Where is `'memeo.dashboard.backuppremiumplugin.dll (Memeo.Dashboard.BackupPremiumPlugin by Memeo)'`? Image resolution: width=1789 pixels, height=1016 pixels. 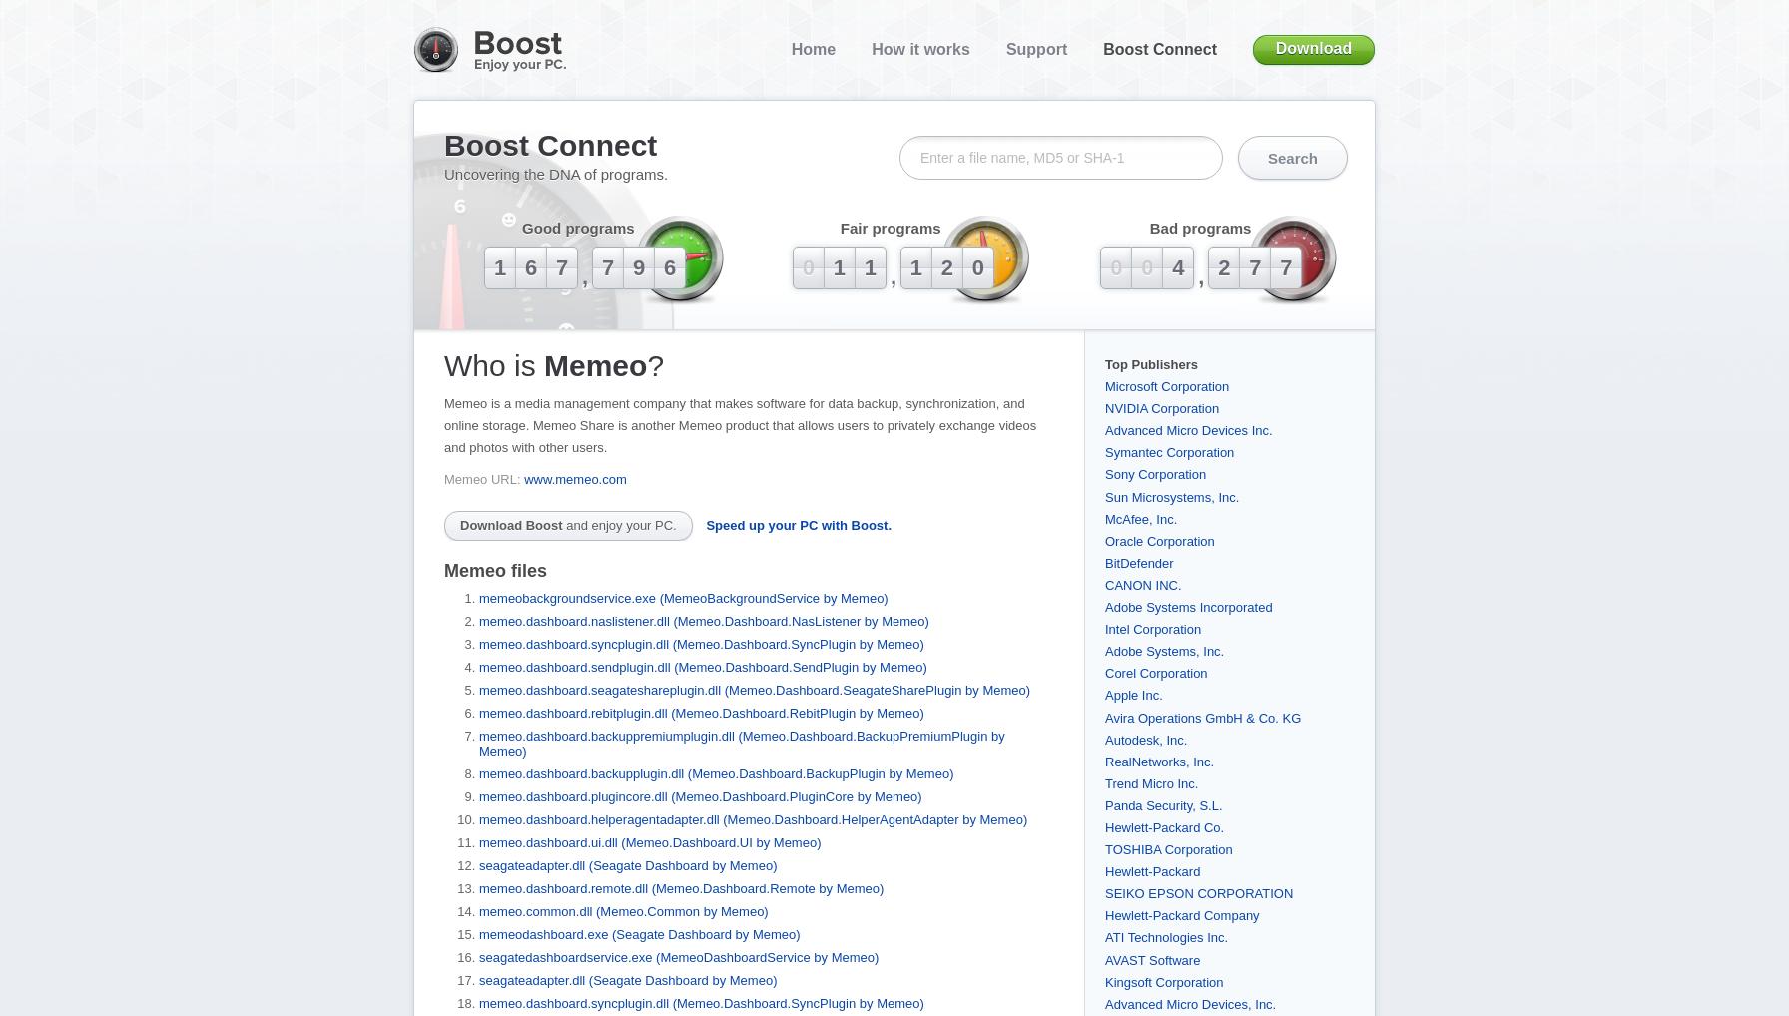
'memeo.dashboard.backuppremiumplugin.dll (Memeo.Dashboard.BackupPremiumPlugin by Memeo)' is located at coordinates (741, 741).